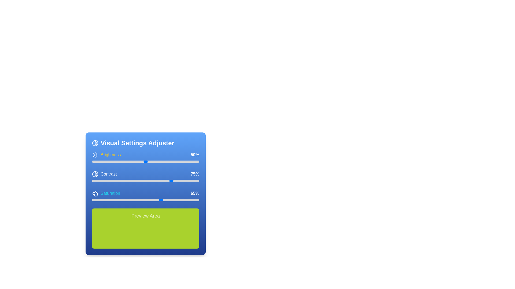 Image resolution: width=515 pixels, height=289 pixels. I want to click on saturation, so click(100, 200).